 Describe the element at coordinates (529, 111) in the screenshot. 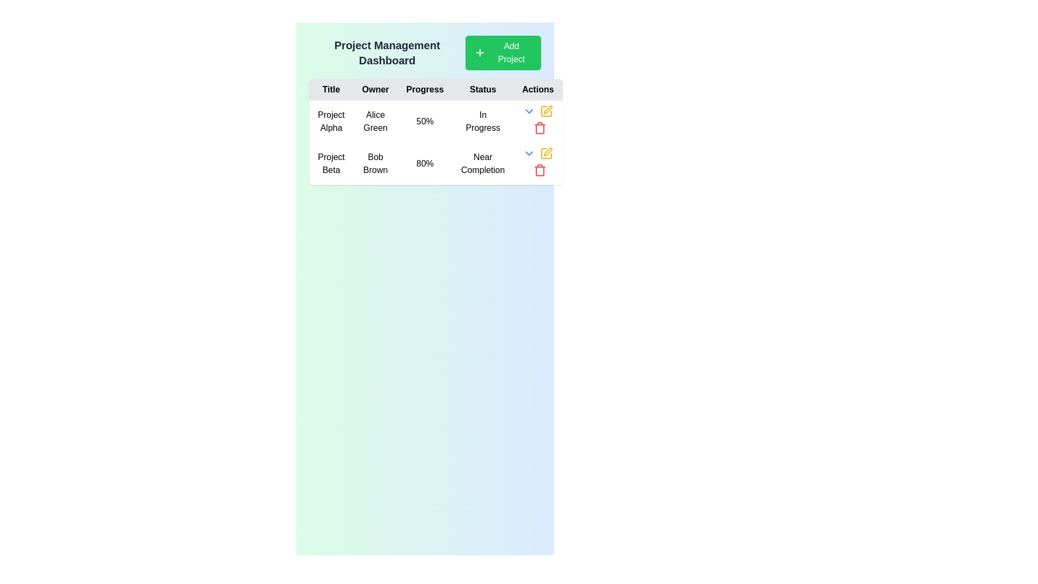

I see `the downward-facing chevron icon in the 'Actions' column for 'Project Alpha'` at that location.